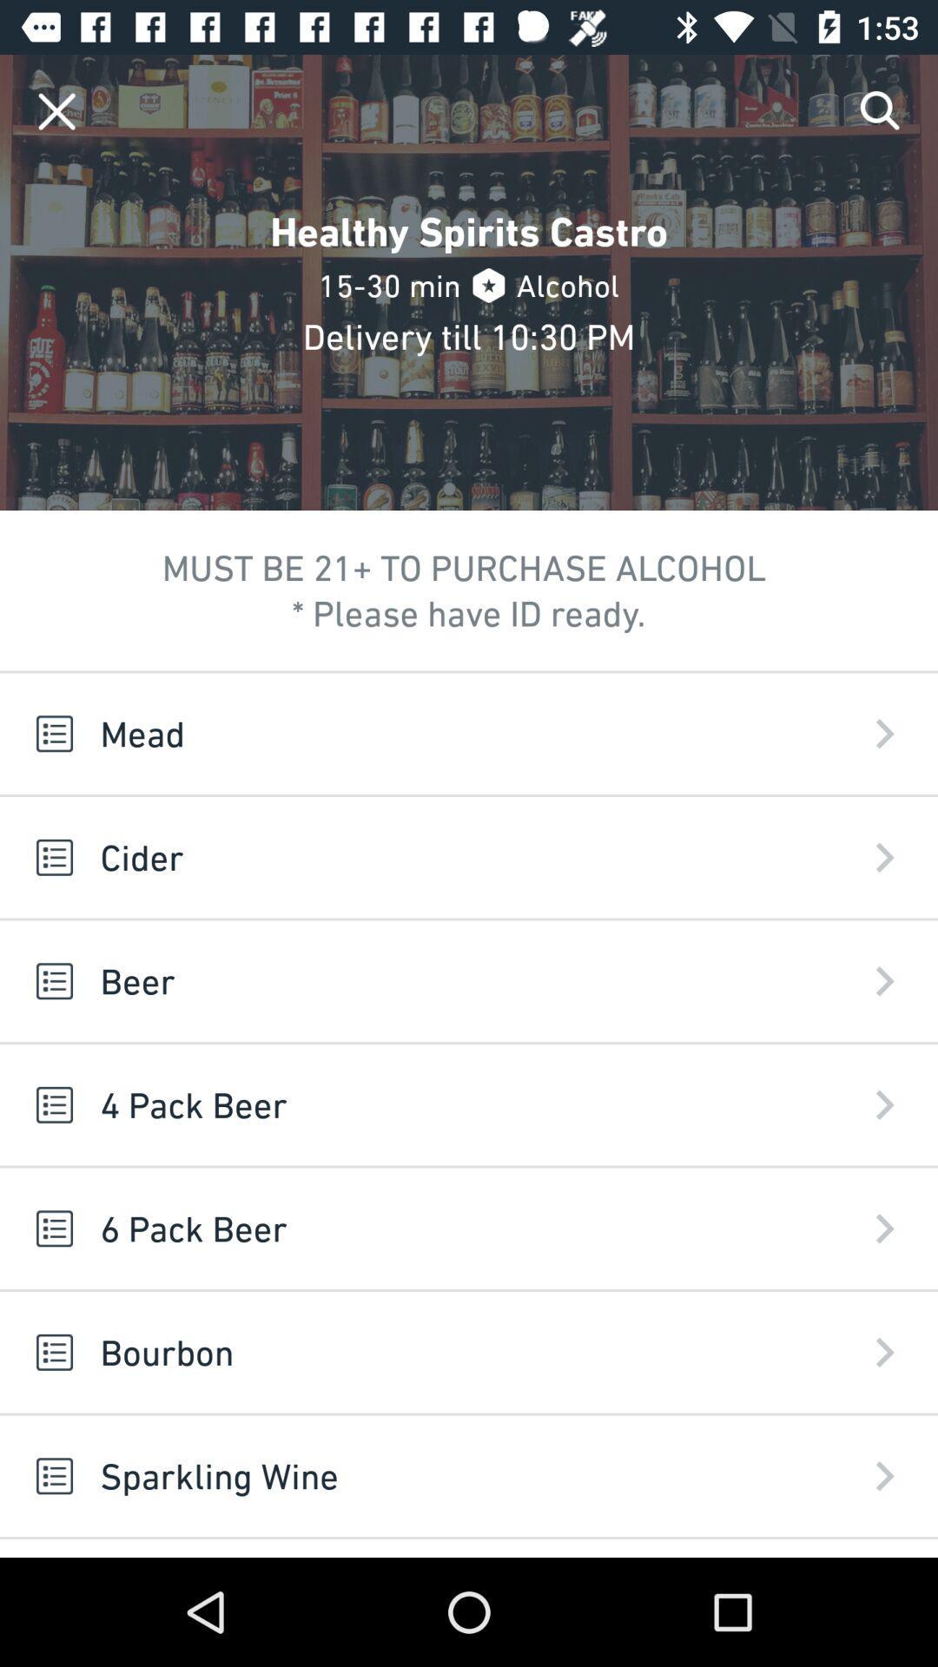  Describe the element at coordinates (56, 110) in the screenshot. I see `app above mead icon` at that location.